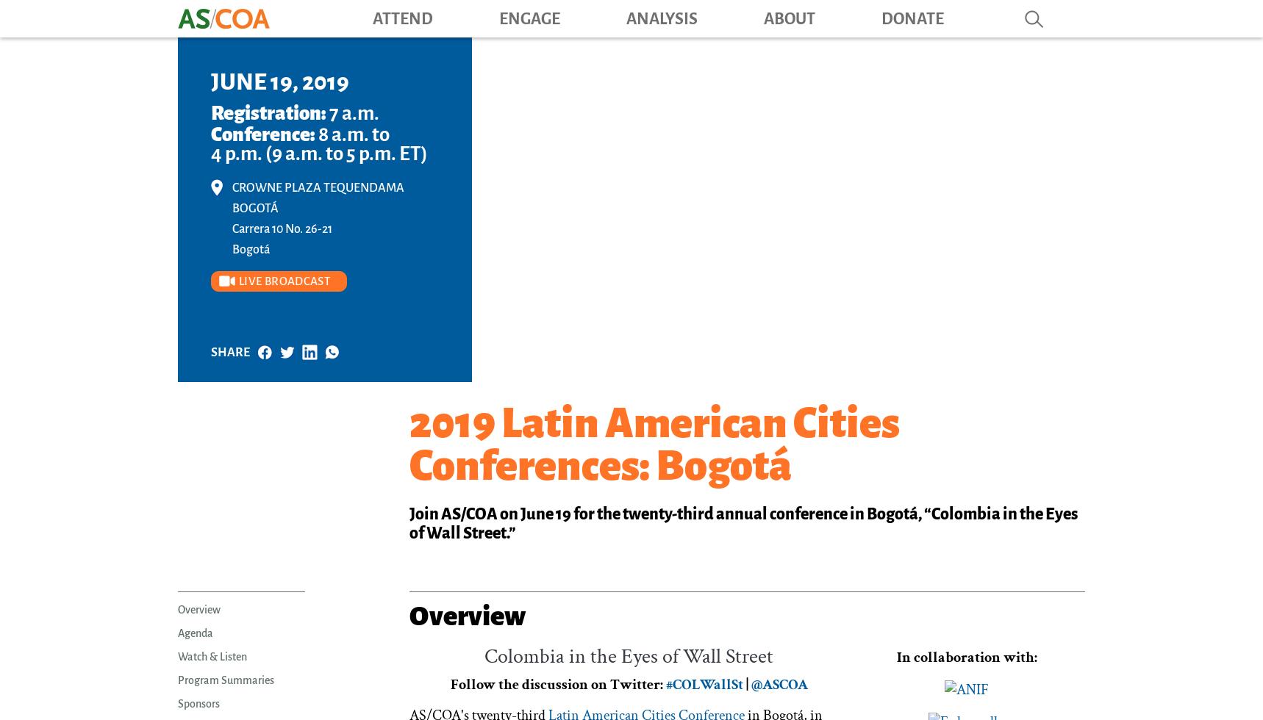 The height and width of the screenshot is (720, 1263). Describe the element at coordinates (239, 281) in the screenshot. I see `'Live broadcast'` at that location.